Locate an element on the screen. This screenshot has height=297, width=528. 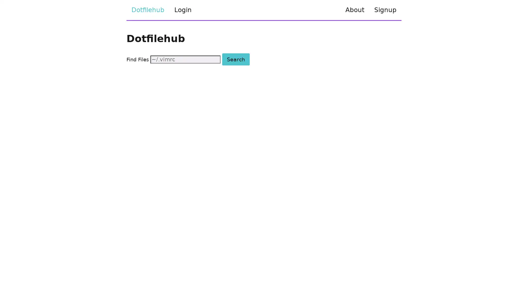
Search is located at coordinates (236, 59).